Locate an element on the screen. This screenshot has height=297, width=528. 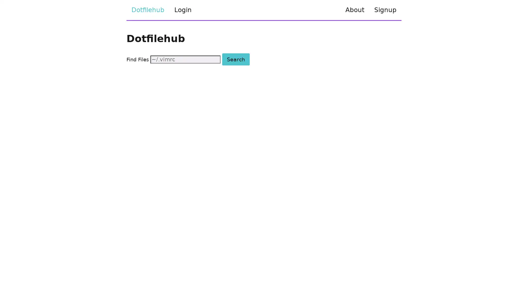
Search is located at coordinates (236, 59).